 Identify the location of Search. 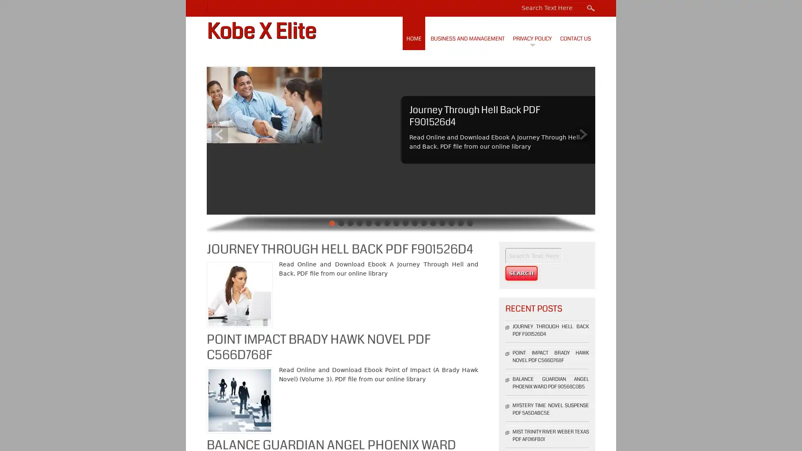
(521, 273).